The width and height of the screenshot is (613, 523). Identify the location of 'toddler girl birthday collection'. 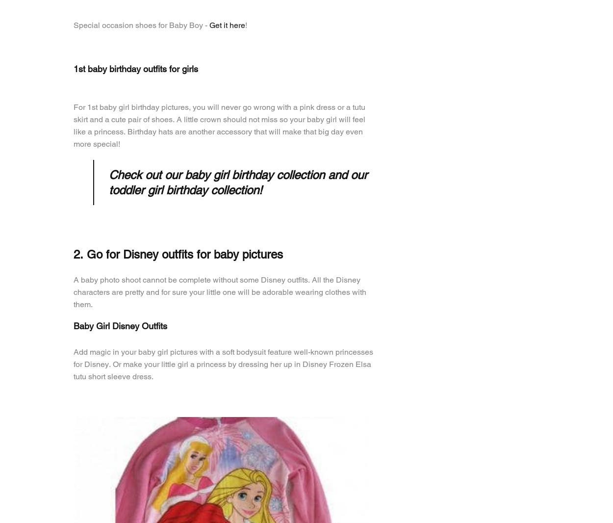
(184, 189).